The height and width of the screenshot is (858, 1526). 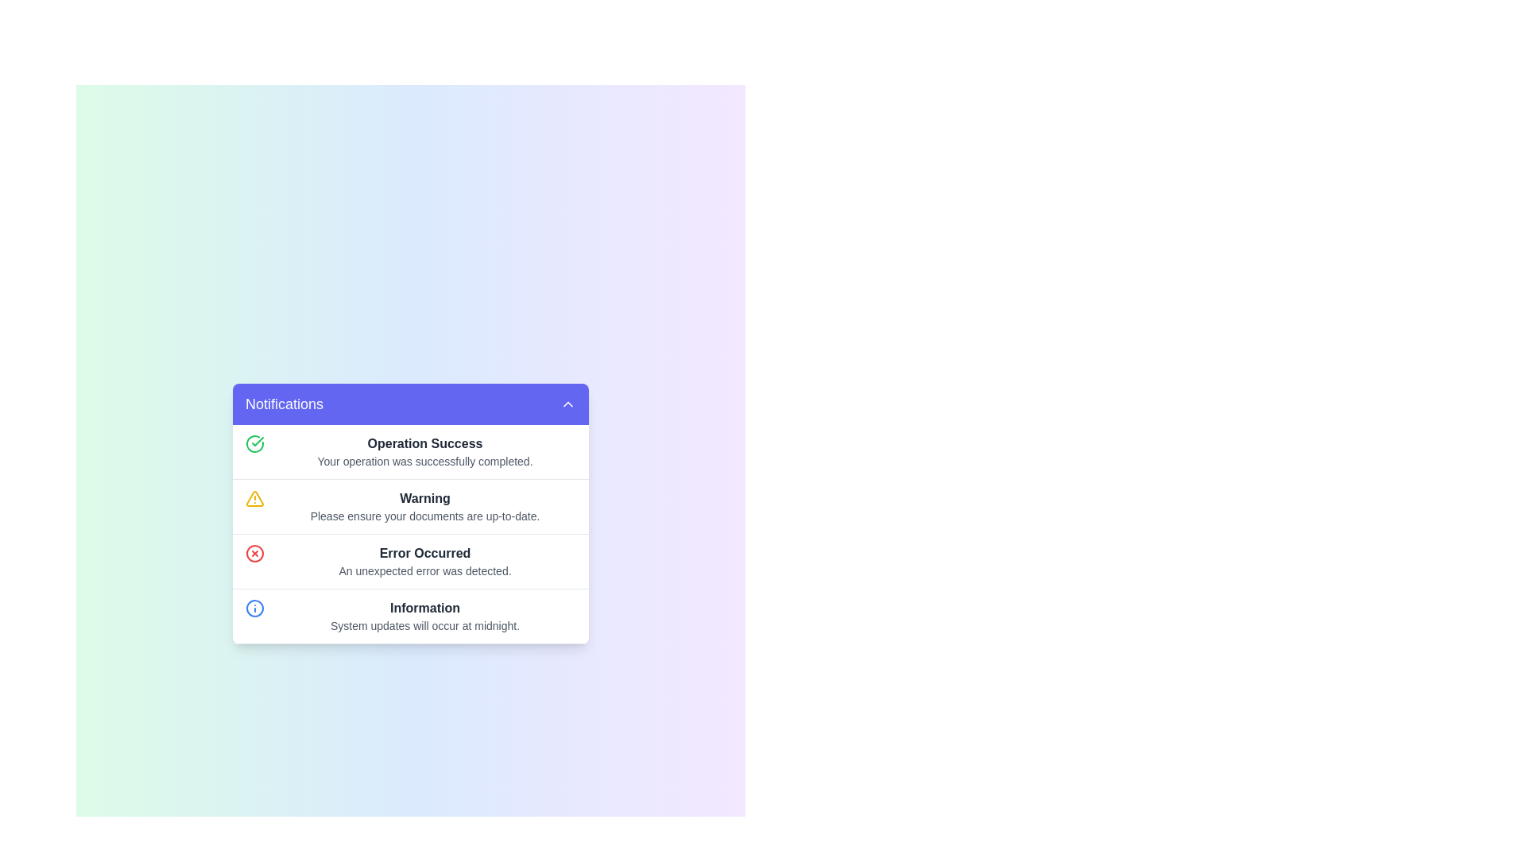 What do you see at coordinates (424, 560) in the screenshot?
I see `informational notification text block indicating an error event, which is the third message in the vertical notification list, located below 'Warning' and above 'Information'` at bounding box center [424, 560].